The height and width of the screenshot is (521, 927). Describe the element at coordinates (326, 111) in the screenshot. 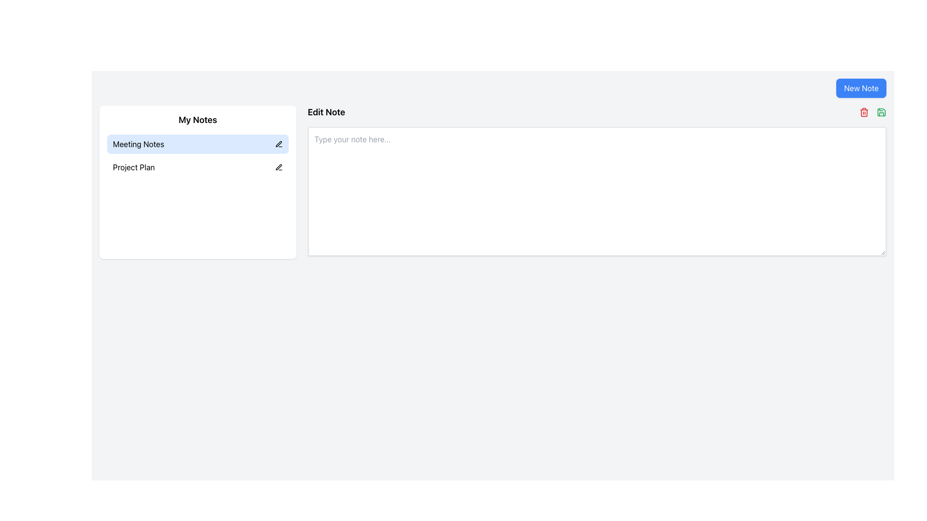

I see `the static text label displaying 'Edit Note' which is positioned at the top-center of the interface in a bold font` at that location.